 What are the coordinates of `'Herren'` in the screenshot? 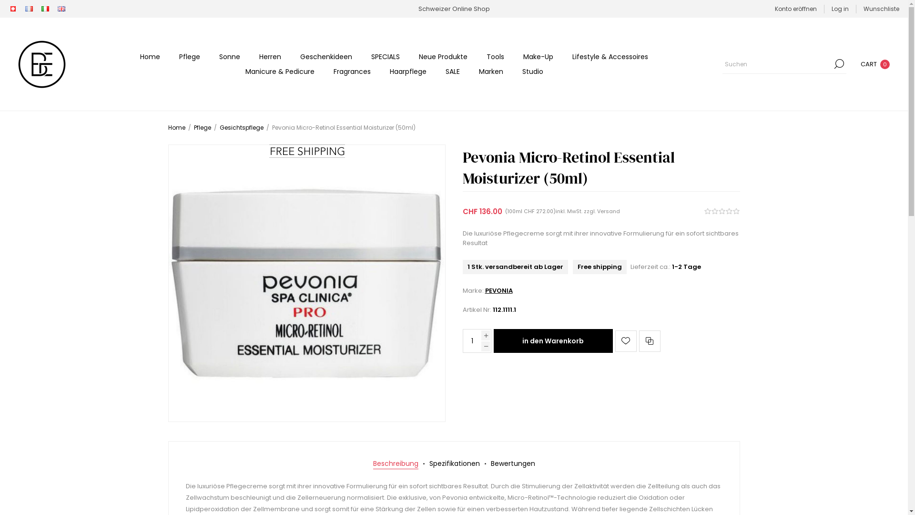 It's located at (269, 57).